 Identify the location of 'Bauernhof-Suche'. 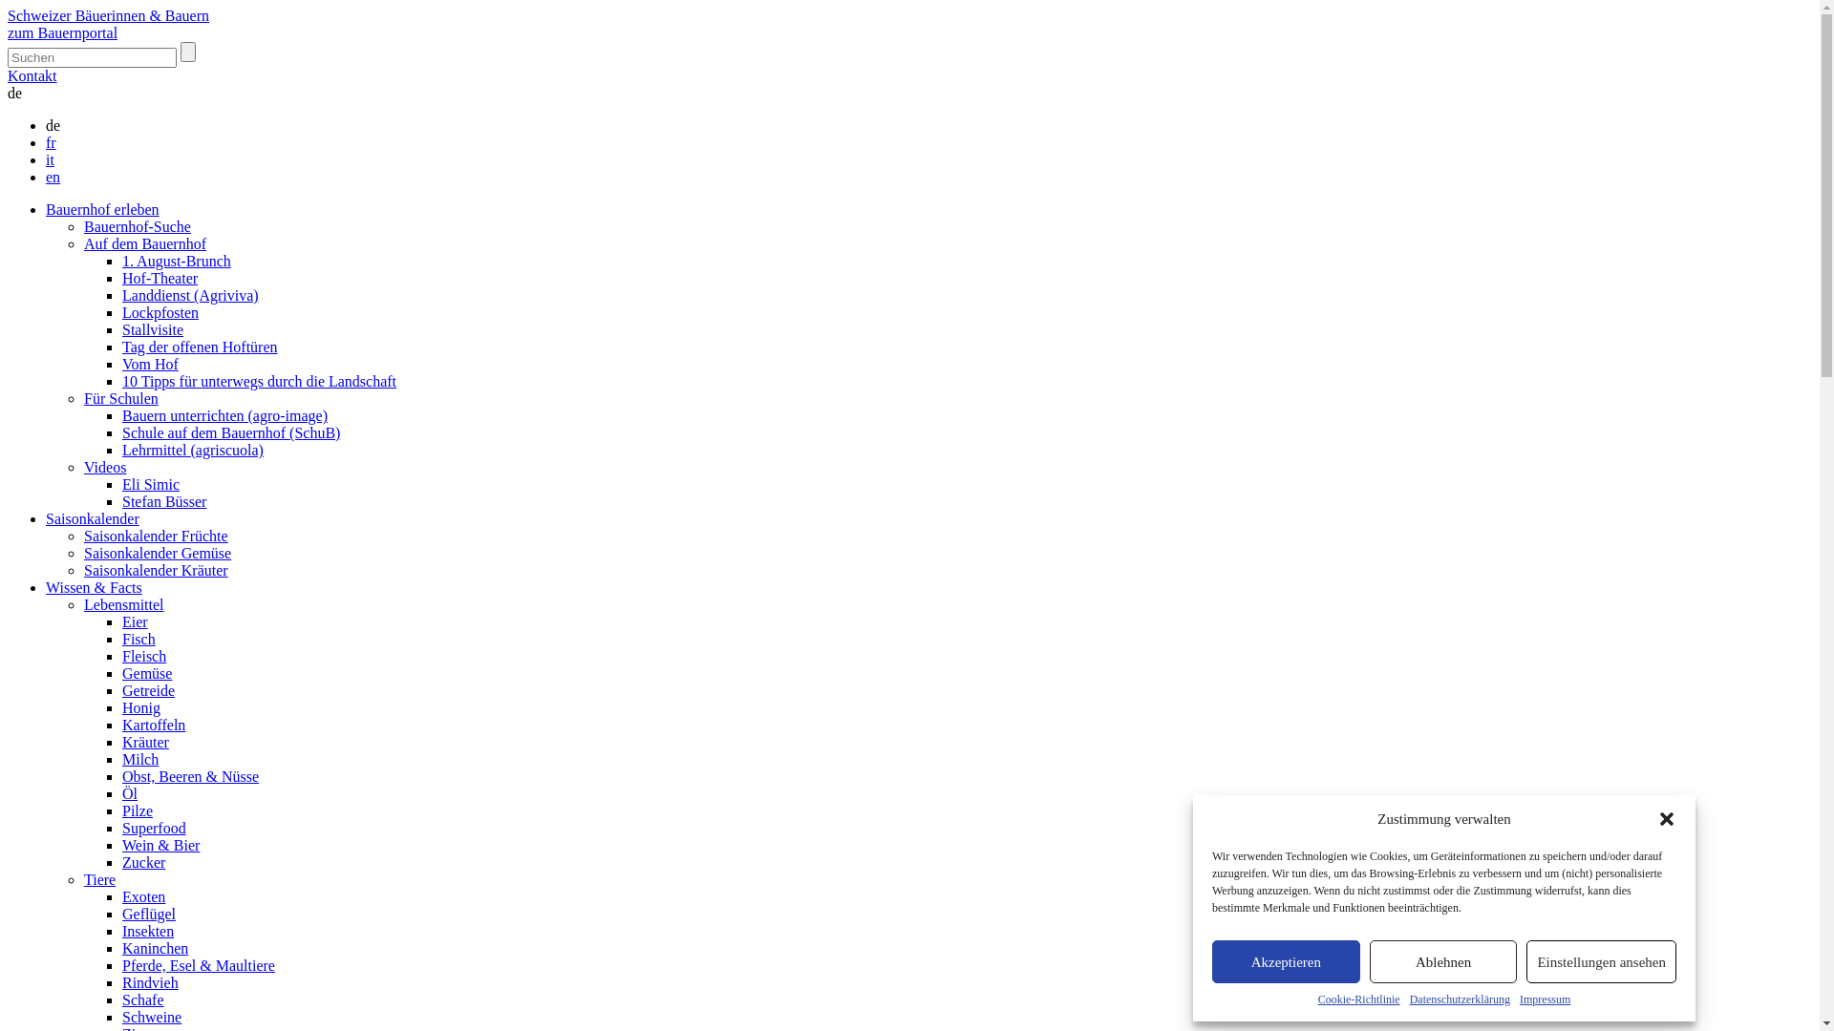
(137, 225).